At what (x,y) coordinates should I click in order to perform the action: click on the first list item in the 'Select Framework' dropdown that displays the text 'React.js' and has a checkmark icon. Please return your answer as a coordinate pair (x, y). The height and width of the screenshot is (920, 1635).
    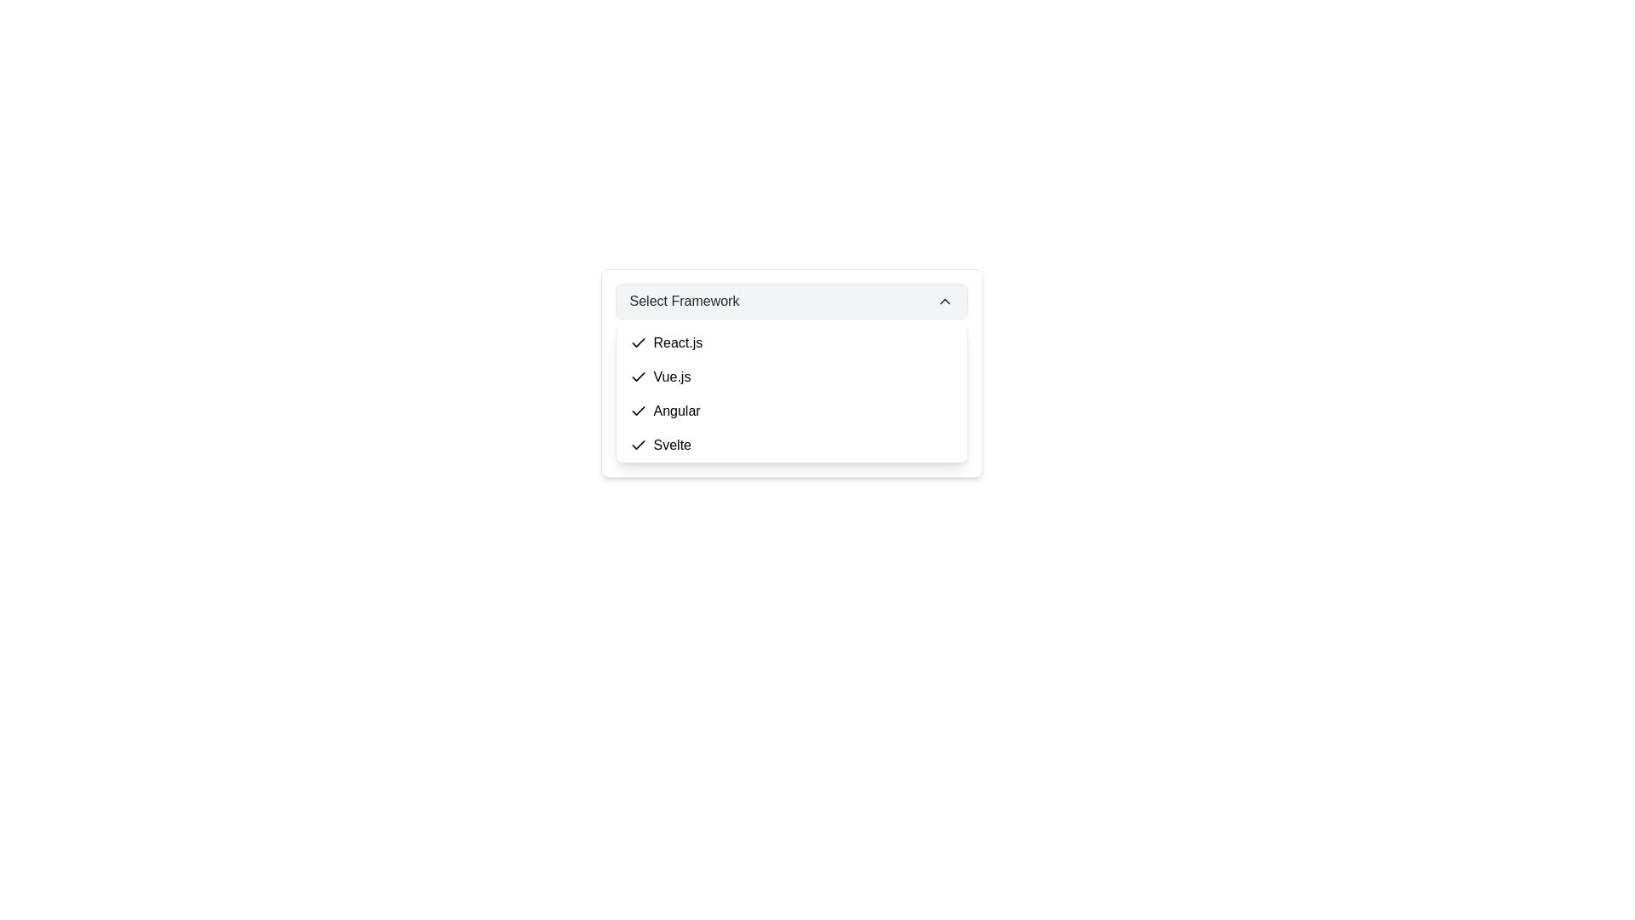
    Looking at the image, I should click on (665, 342).